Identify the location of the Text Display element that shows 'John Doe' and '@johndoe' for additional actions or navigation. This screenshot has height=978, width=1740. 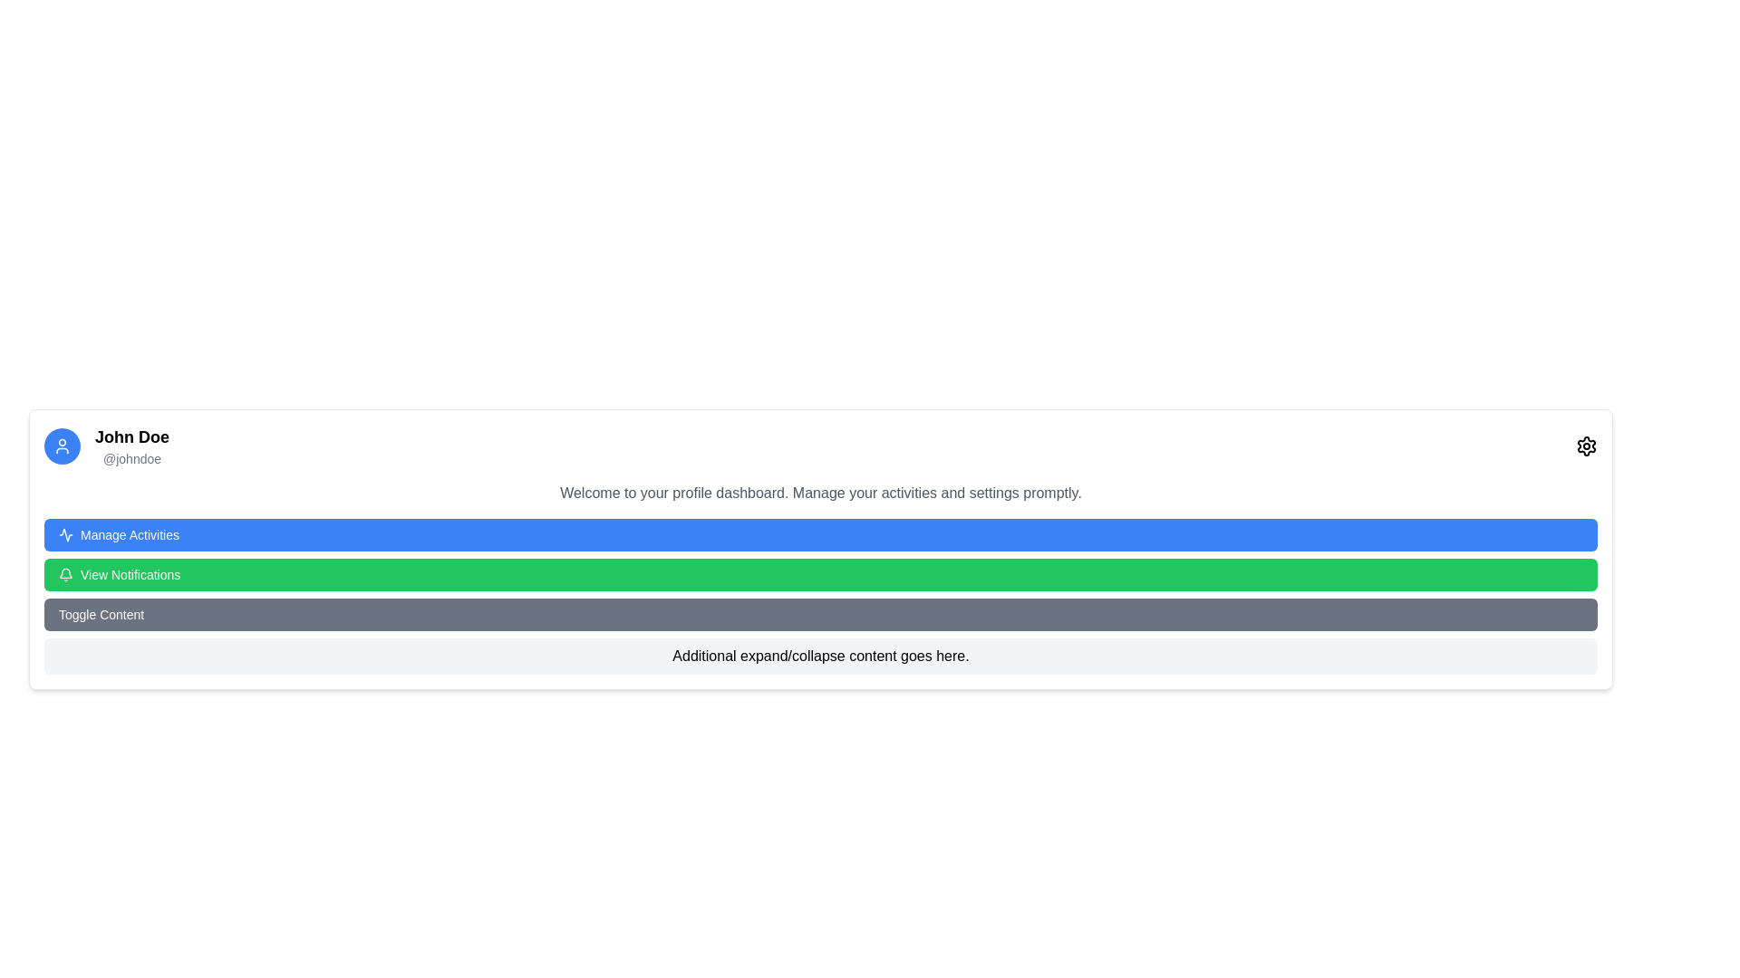
(130, 446).